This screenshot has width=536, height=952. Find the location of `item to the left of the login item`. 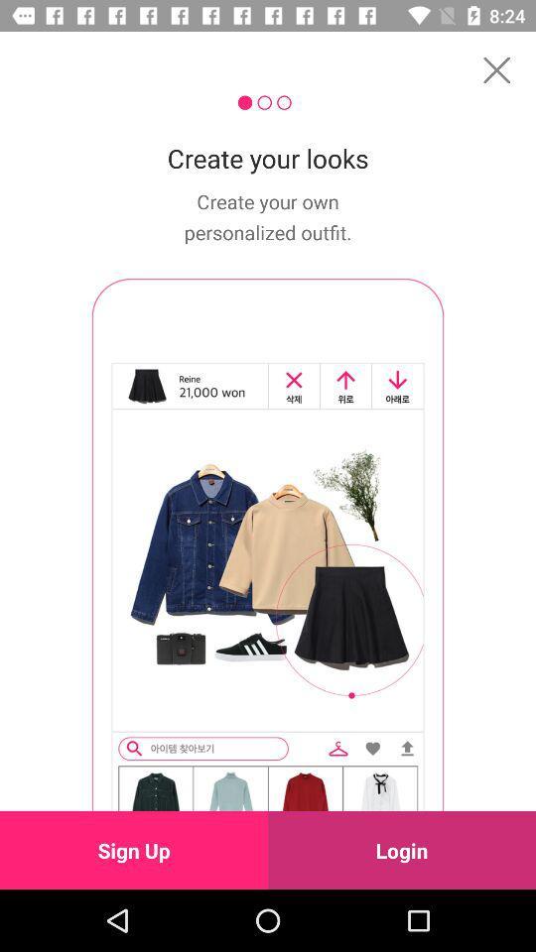

item to the left of the login item is located at coordinates (134, 849).